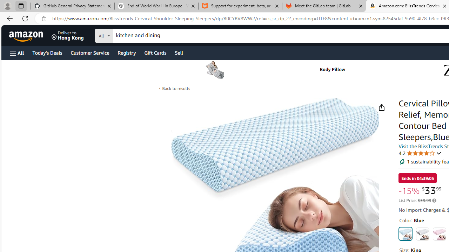 This screenshot has width=449, height=252. I want to click on 'Grey', so click(422, 234).